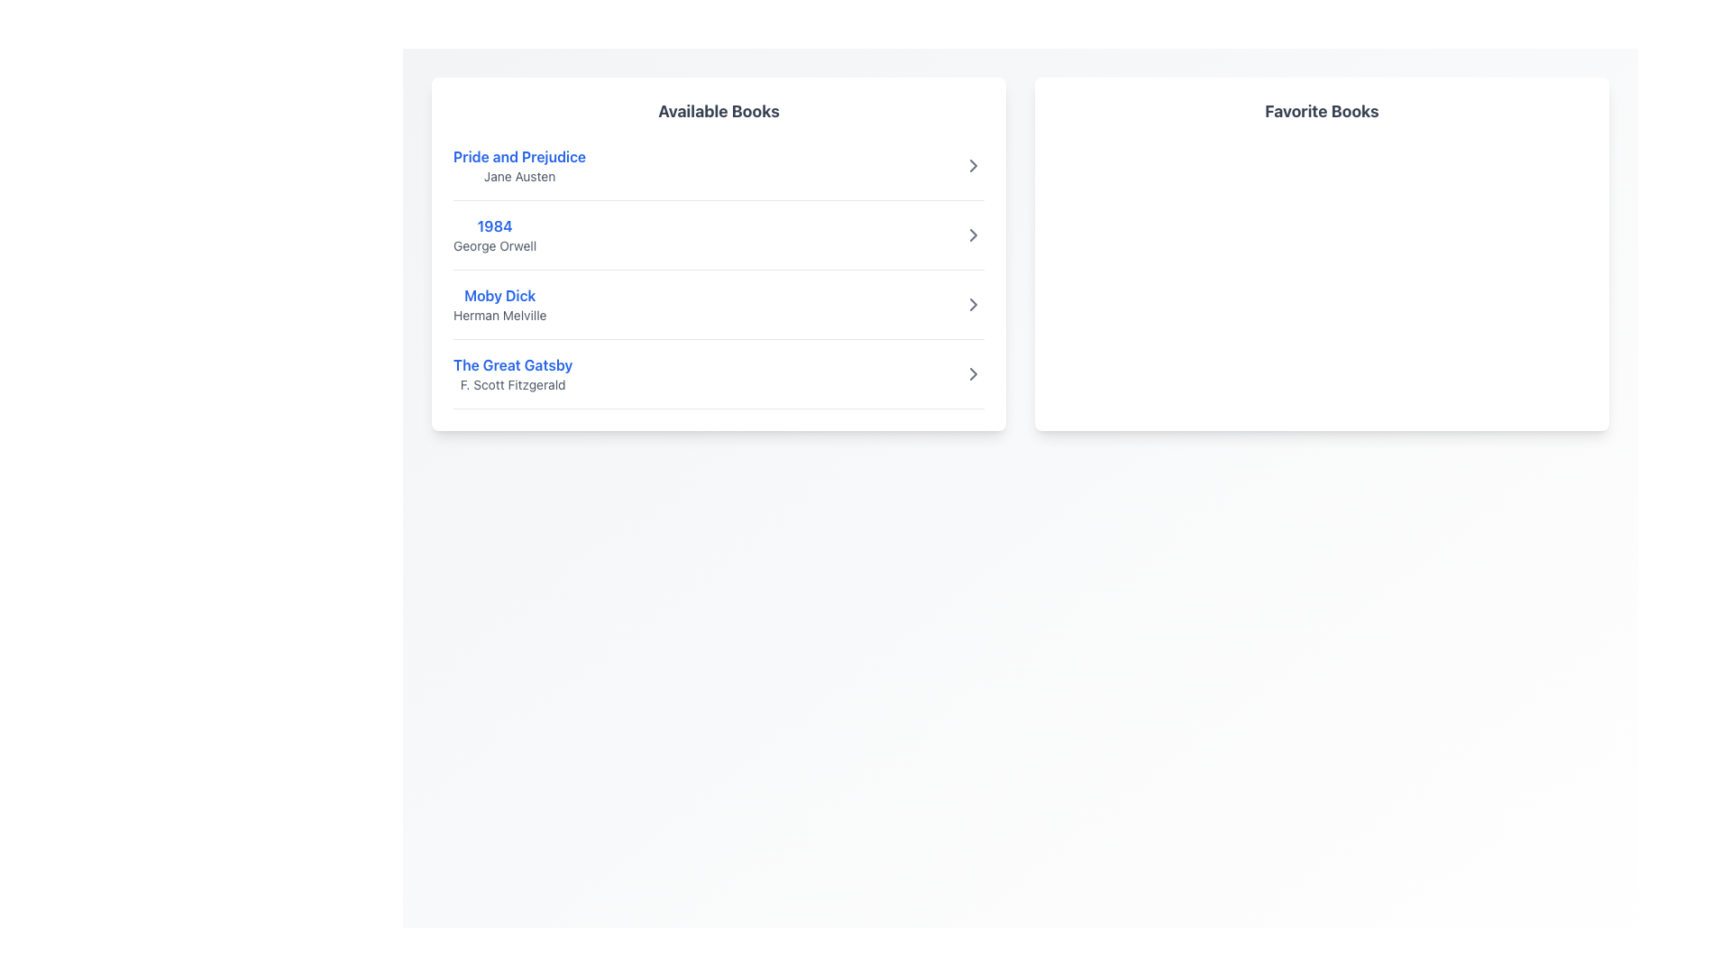  I want to click on the list entry for 'Moby Dick' by Herman Melville in the 'Available Books' section, so click(499, 304).